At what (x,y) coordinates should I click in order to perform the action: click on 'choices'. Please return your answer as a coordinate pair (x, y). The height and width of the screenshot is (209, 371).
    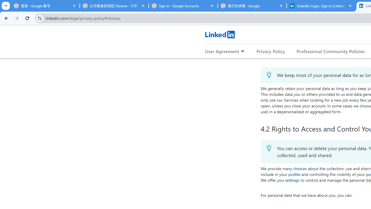
    Looking at the image, I should click on (300, 168).